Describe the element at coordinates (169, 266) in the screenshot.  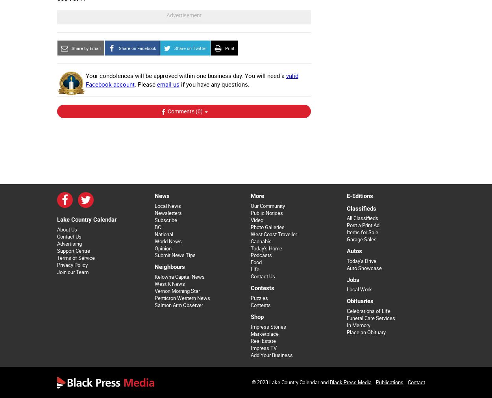
I see `'Neighbours'` at that location.